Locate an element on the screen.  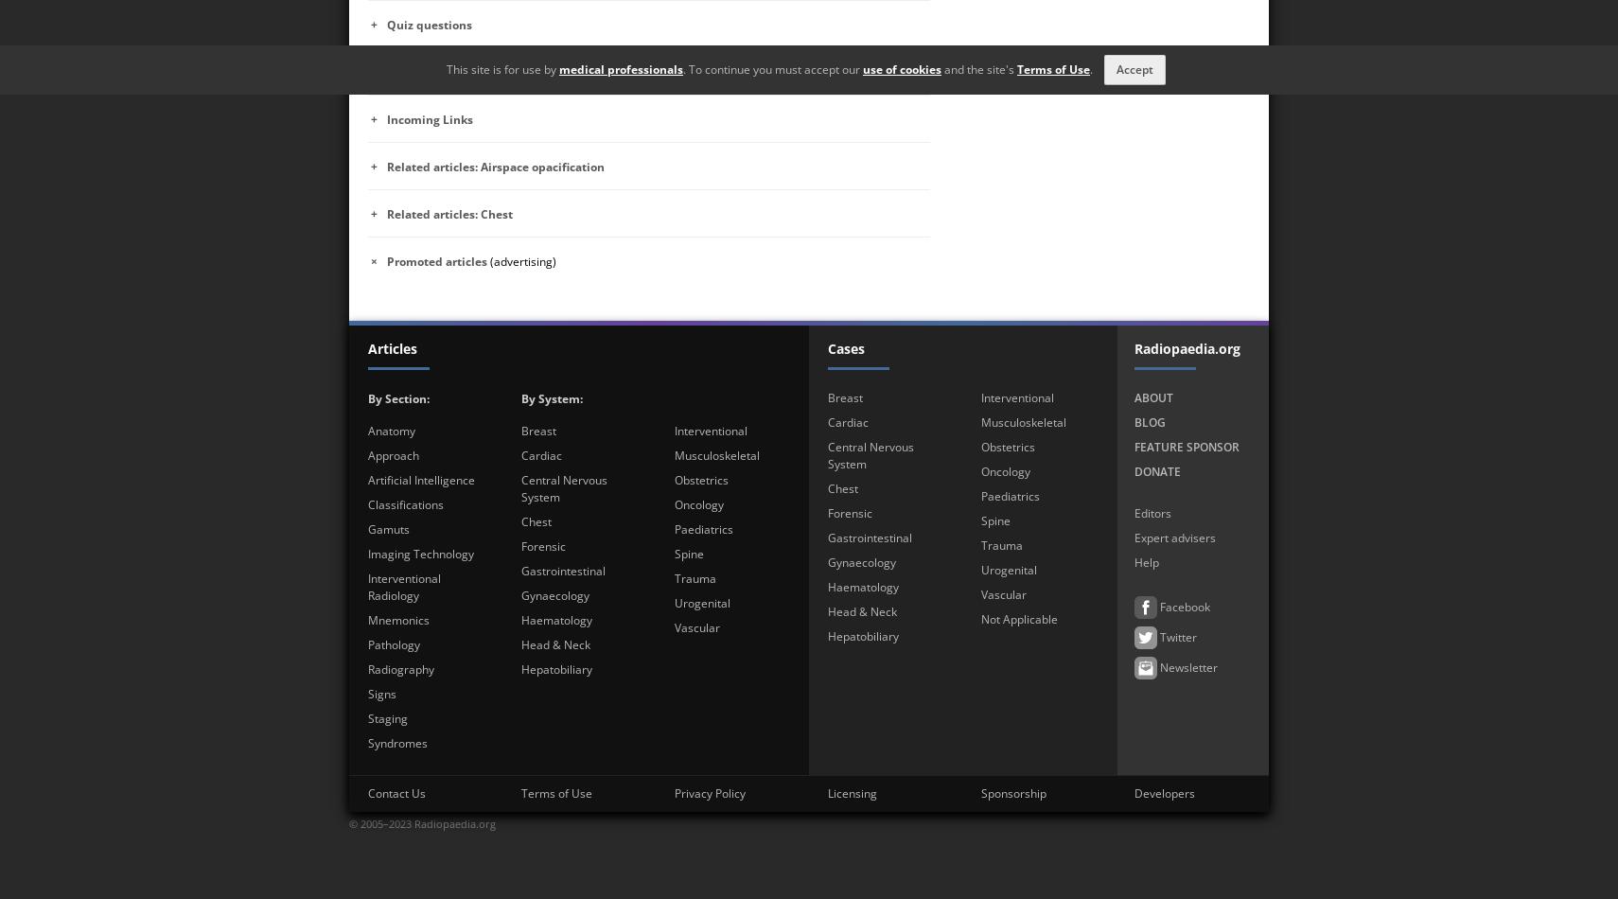
'Licensing' is located at coordinates (825, 791).